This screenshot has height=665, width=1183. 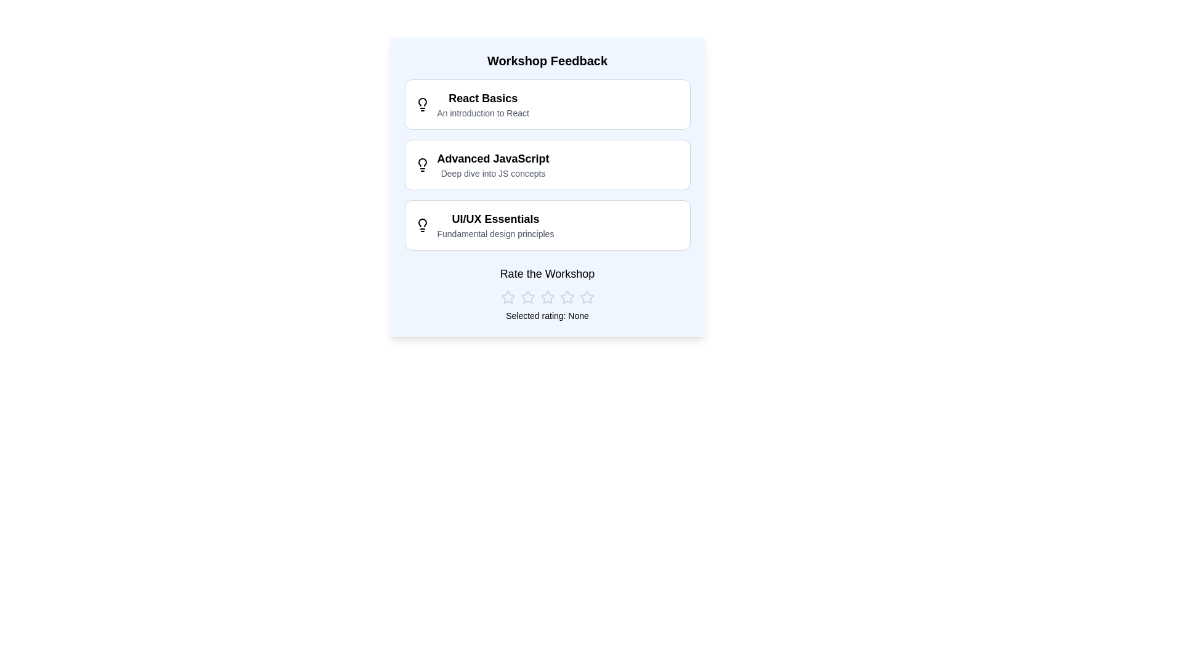 I want to click on the first interactive card in the listing context that provides information about 'React Basics', so click(x=547, y=103).